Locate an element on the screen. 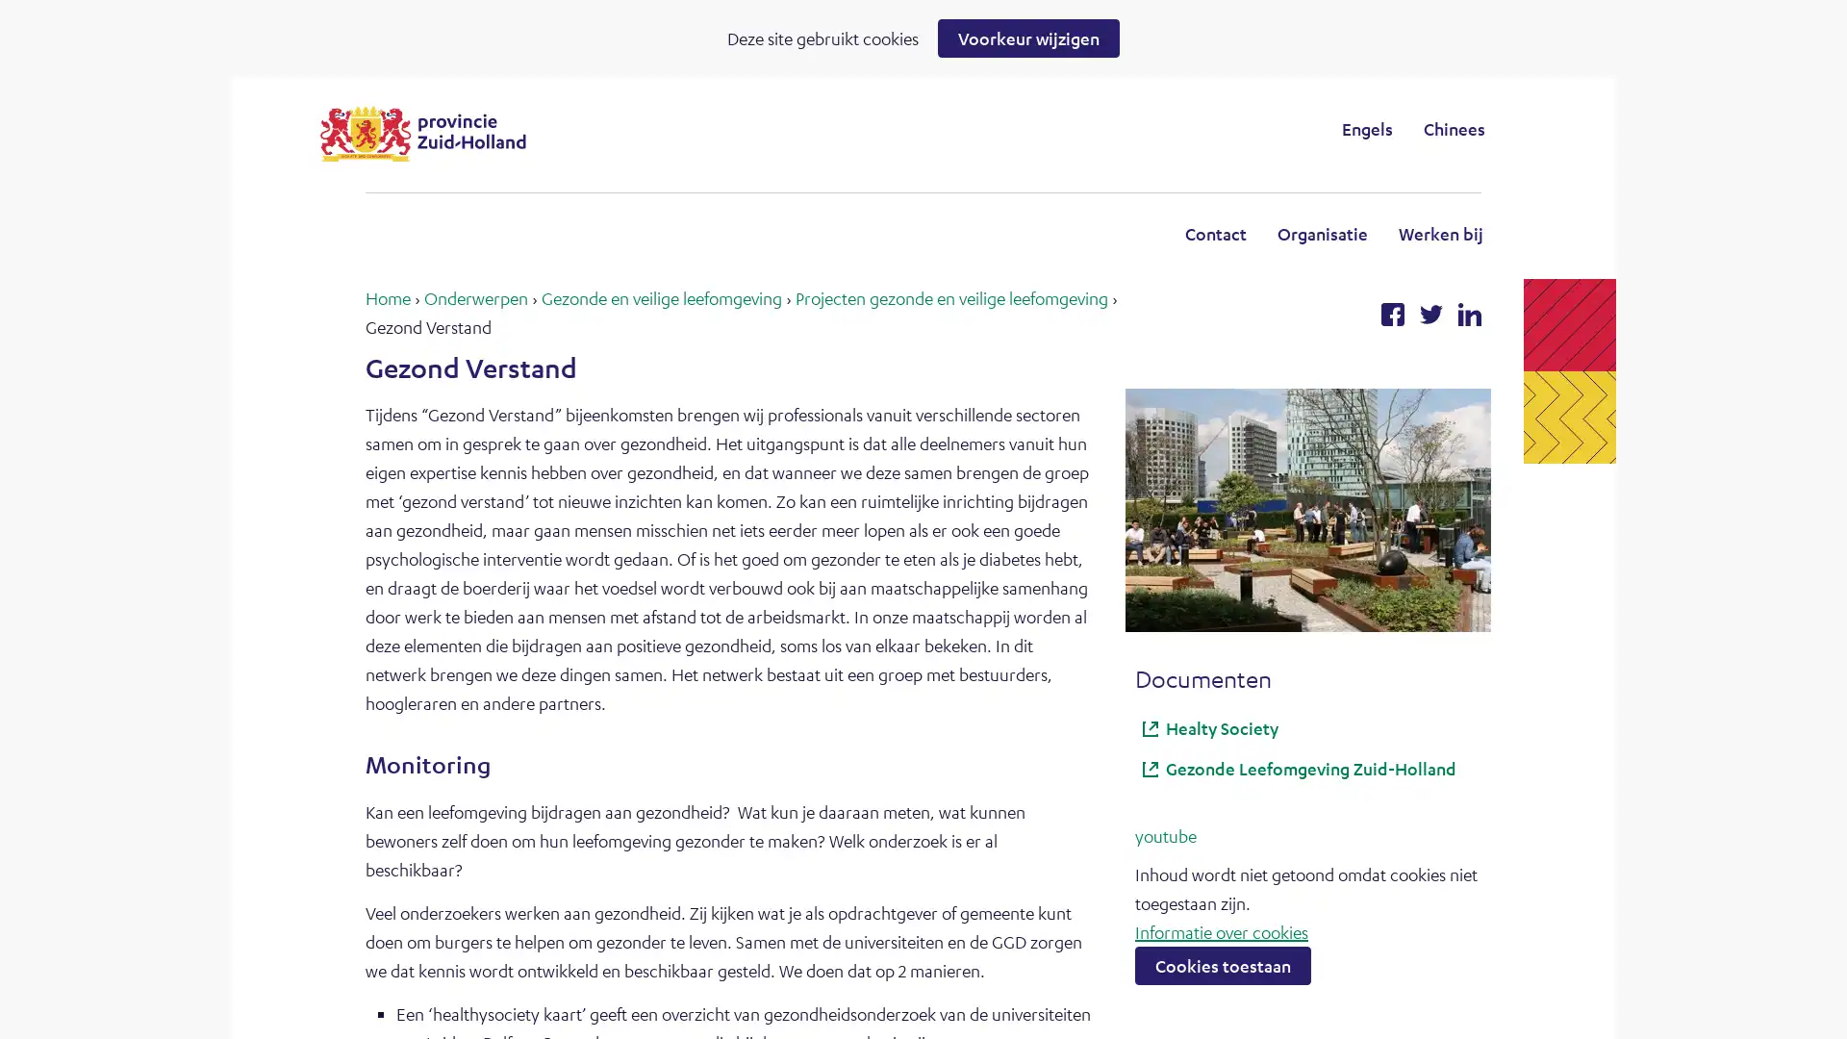 This screenshot has width=1847, height=1039. Cookies toestaan is located at coordinates (1222, 964).